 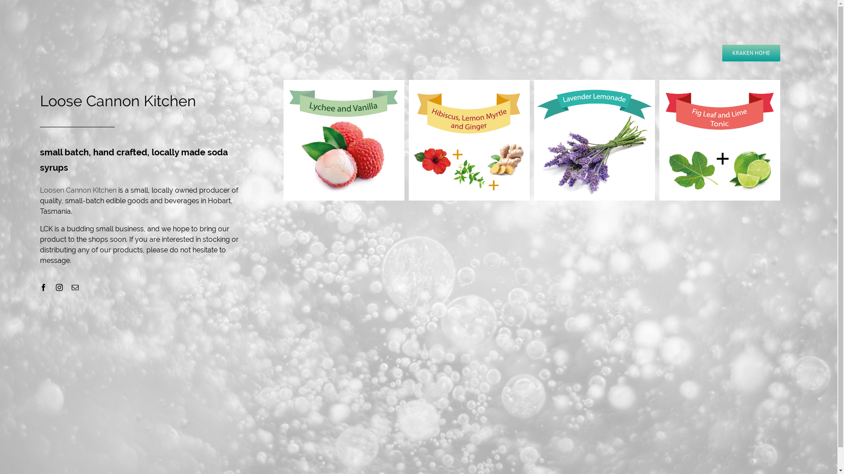 What do you see at coordinates (720, 140) in the screenshot?
I see `'Fig Leaf and Lime'` at bounding box center [720, 140].